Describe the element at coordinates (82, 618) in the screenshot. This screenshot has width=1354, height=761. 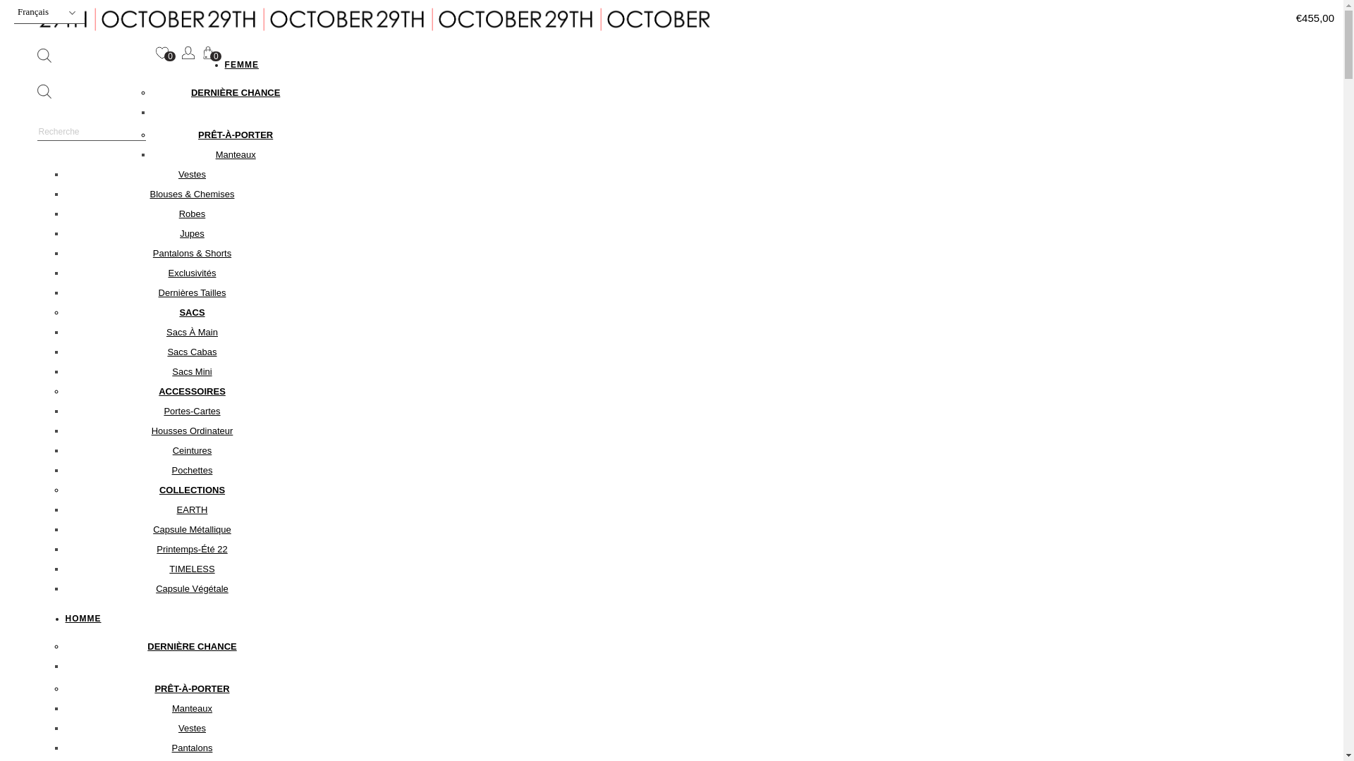
I see `'HOMME'` at that location.